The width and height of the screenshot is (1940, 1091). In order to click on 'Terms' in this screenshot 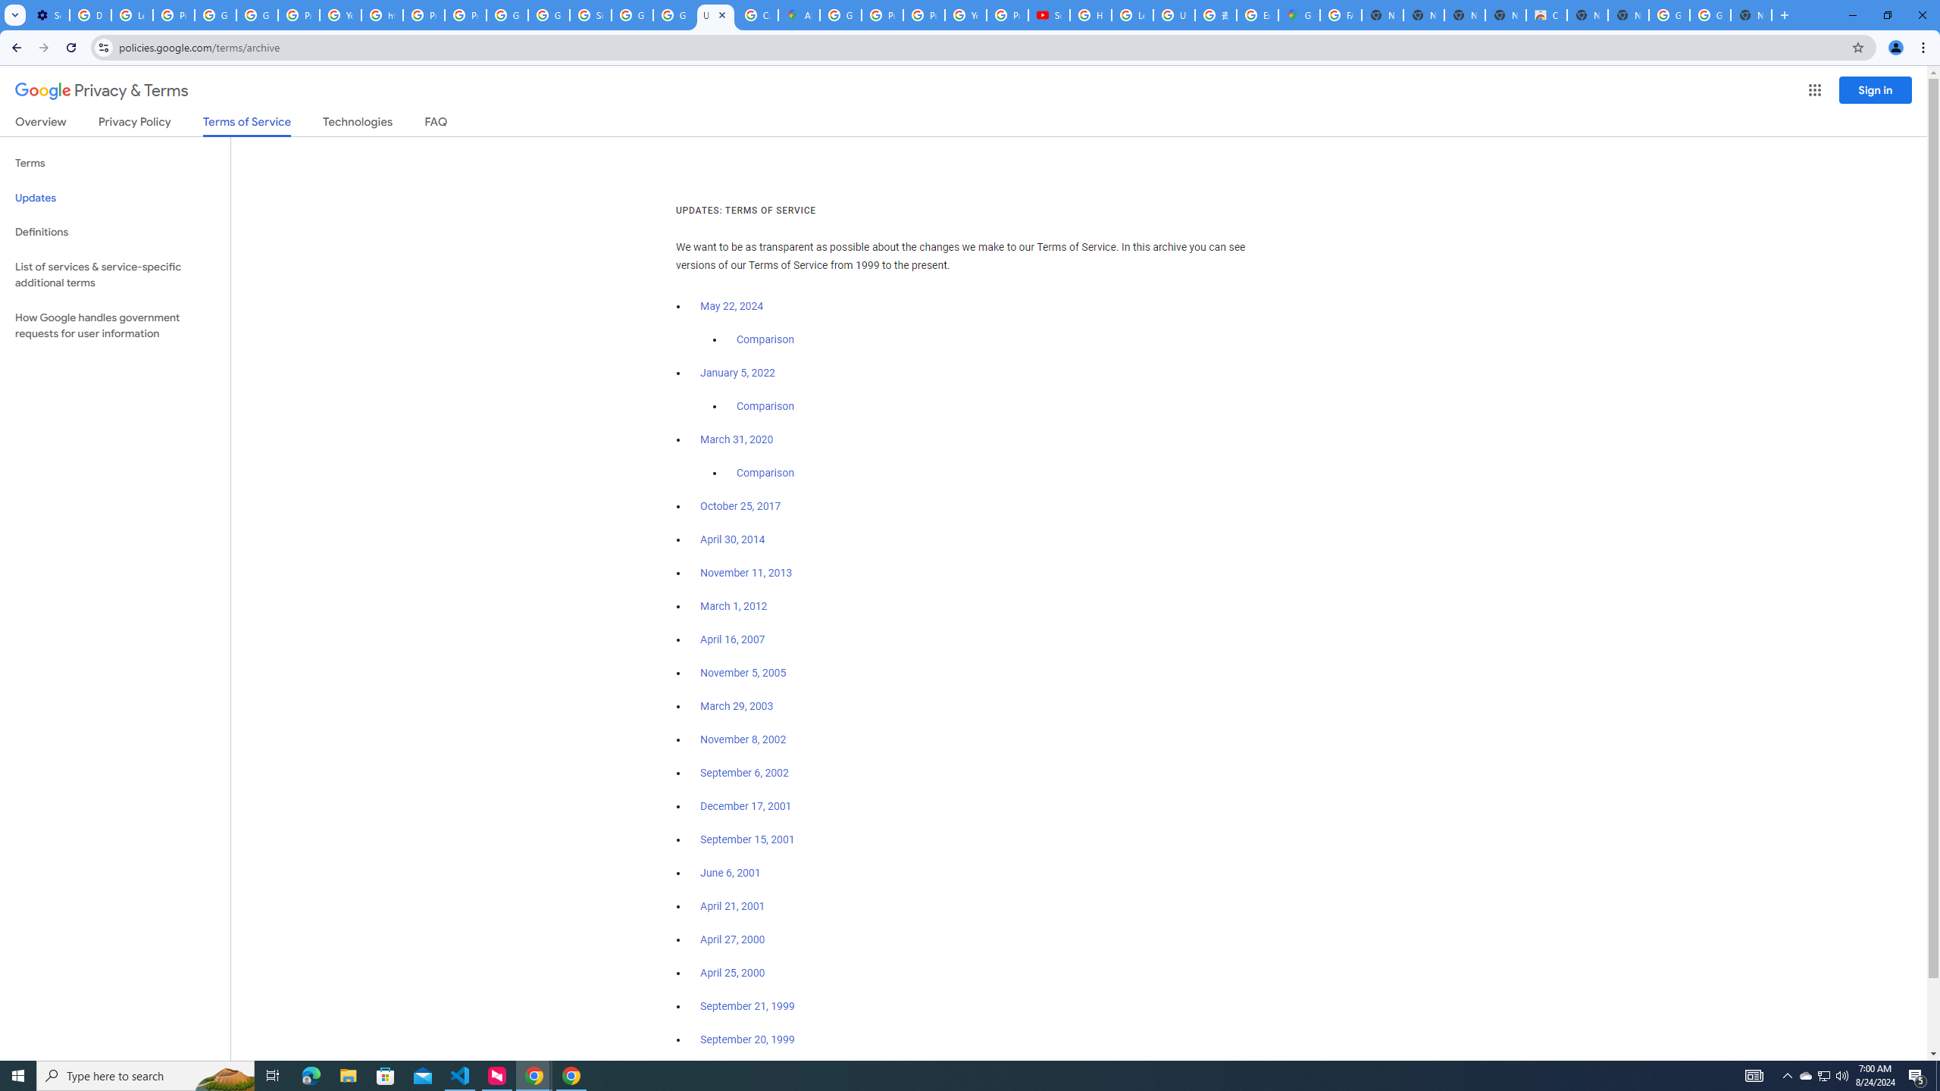, I will do `click(114, 163)`.